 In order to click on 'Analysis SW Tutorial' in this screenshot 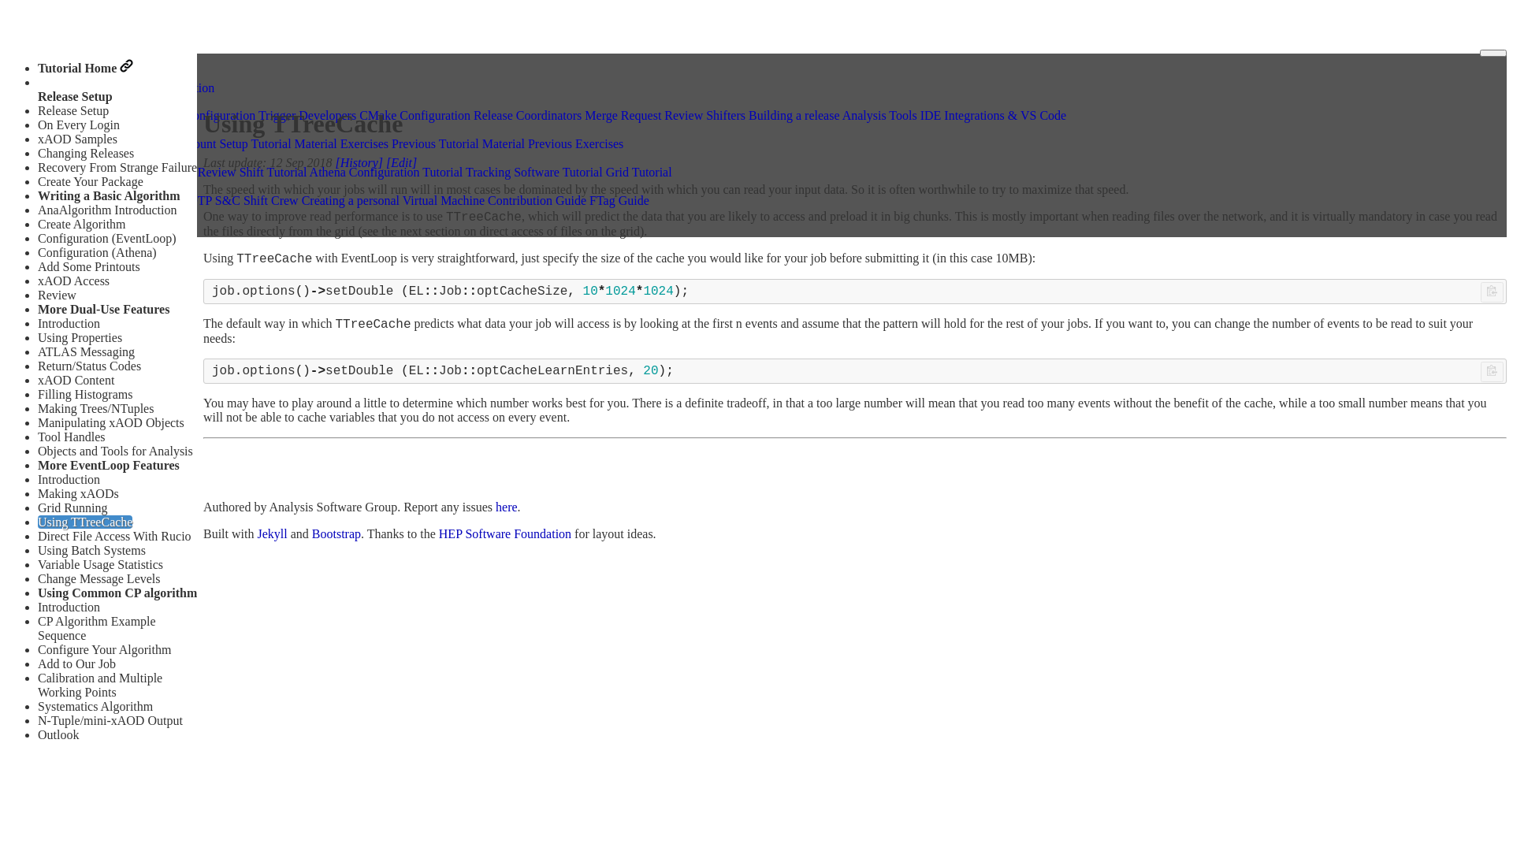, I will do `click(99, 128)`.